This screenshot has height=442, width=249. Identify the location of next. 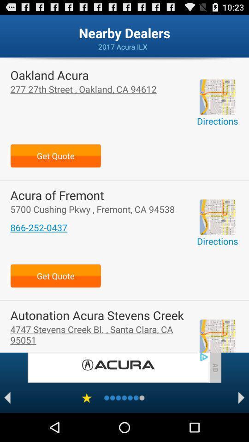
(241, 397).